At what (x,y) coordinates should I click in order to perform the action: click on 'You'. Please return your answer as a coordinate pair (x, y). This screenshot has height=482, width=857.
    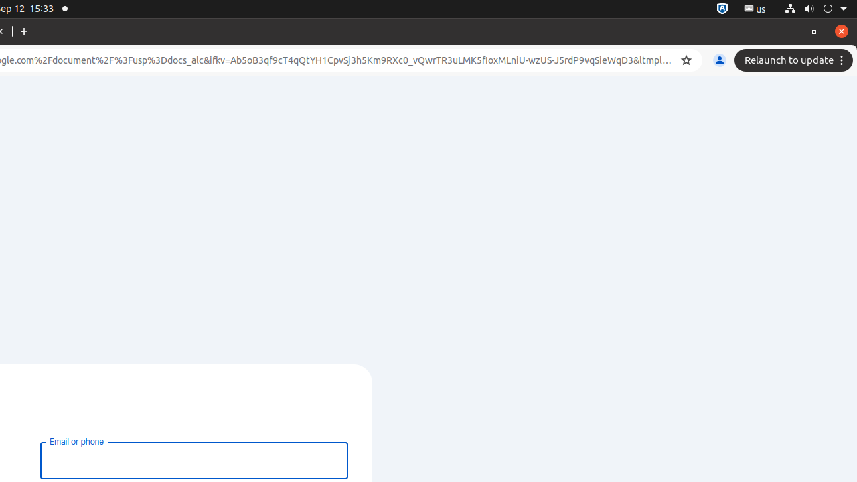
    Looking at the image, I should click on (718, 60).